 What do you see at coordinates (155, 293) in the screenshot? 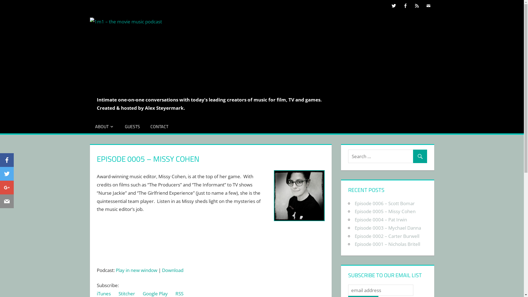
I see `'Google Play'` at bounding box center [155, 293].